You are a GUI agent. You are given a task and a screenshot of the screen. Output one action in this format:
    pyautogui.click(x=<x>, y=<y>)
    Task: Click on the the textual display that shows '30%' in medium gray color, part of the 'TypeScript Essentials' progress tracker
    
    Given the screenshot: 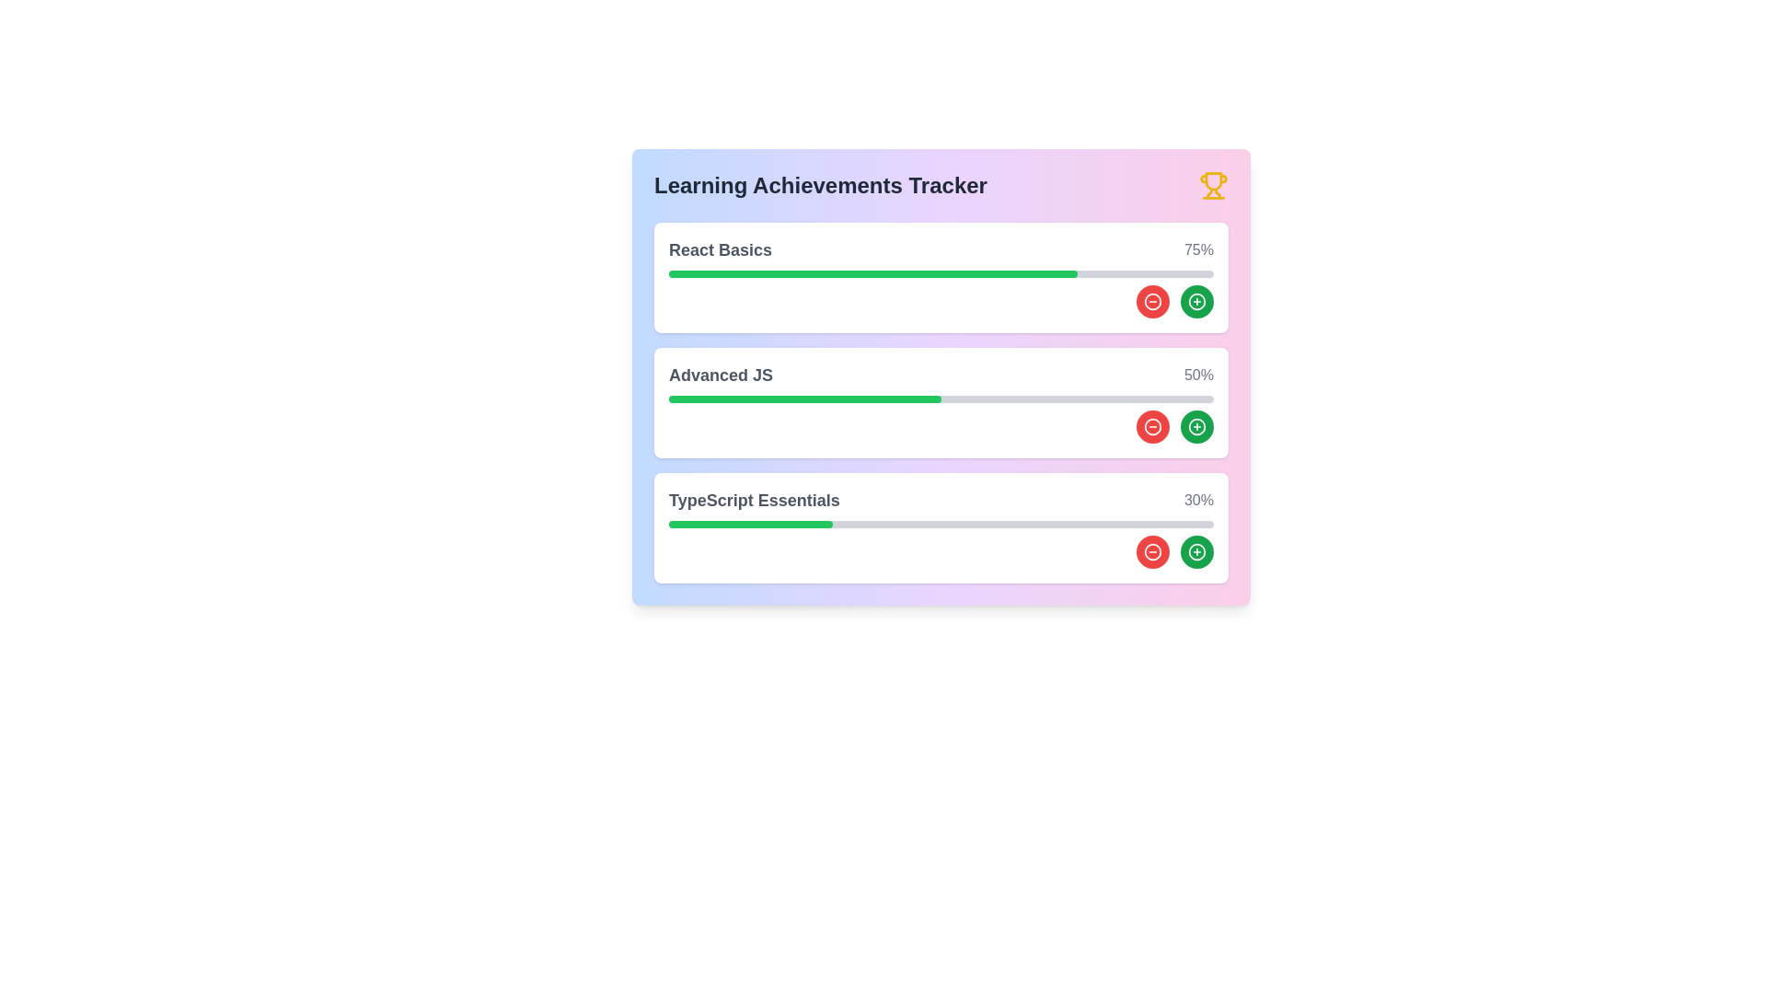 What is the action you would take?
    pyautogui.click(x=1198, y=500)
    